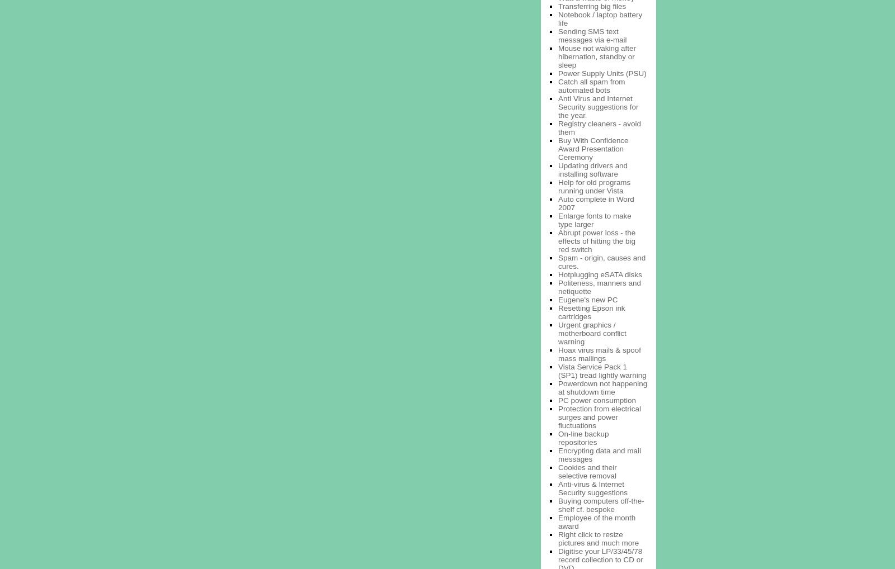 This screenshot has height=569, width=895. Describe the element at coordinates (558, 387) in the screenshot. I see `'Powerdown not happening at shutdown time'` at that location.